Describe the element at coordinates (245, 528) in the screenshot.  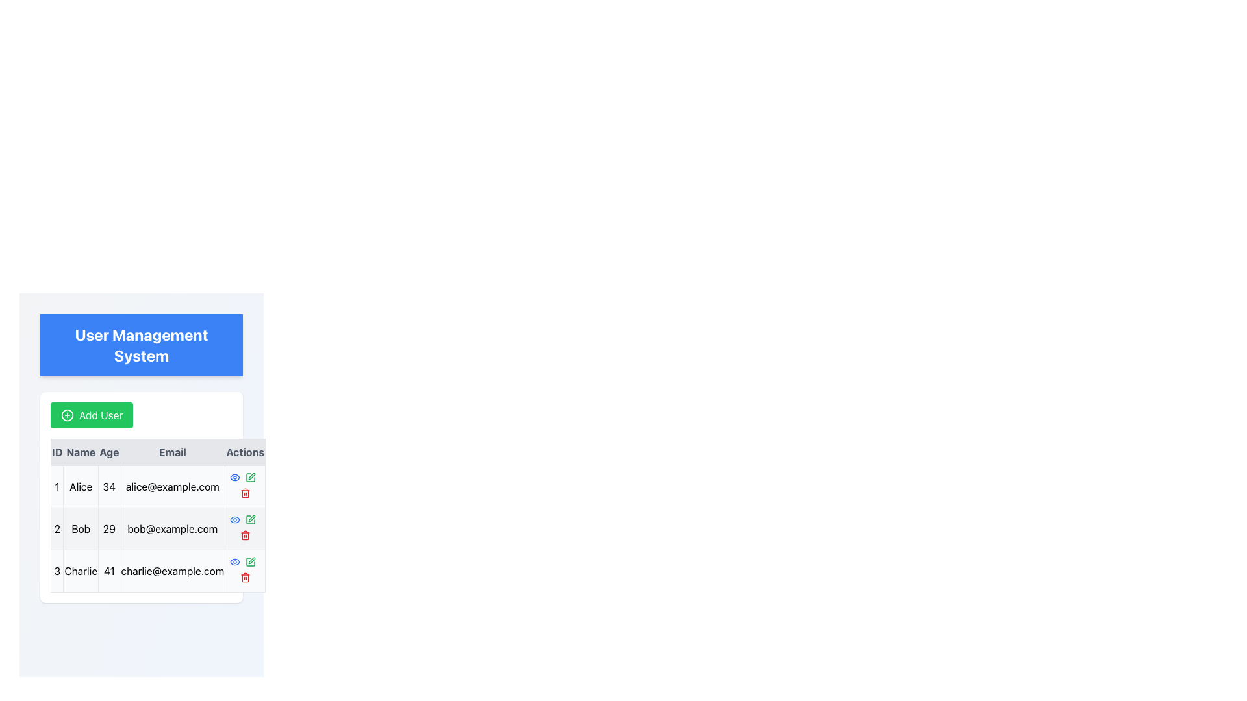
I see `the red trash bin icon representing the delete action for the user 'Bob' in the second row of the user data table to possibly see a tooltip` at that location.